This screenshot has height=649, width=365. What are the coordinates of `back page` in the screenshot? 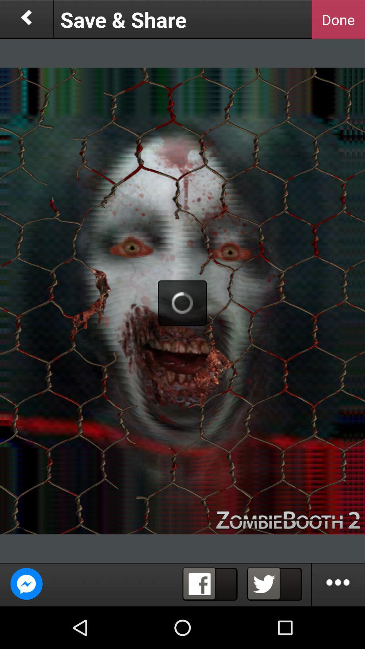 It's located at (26, 19).